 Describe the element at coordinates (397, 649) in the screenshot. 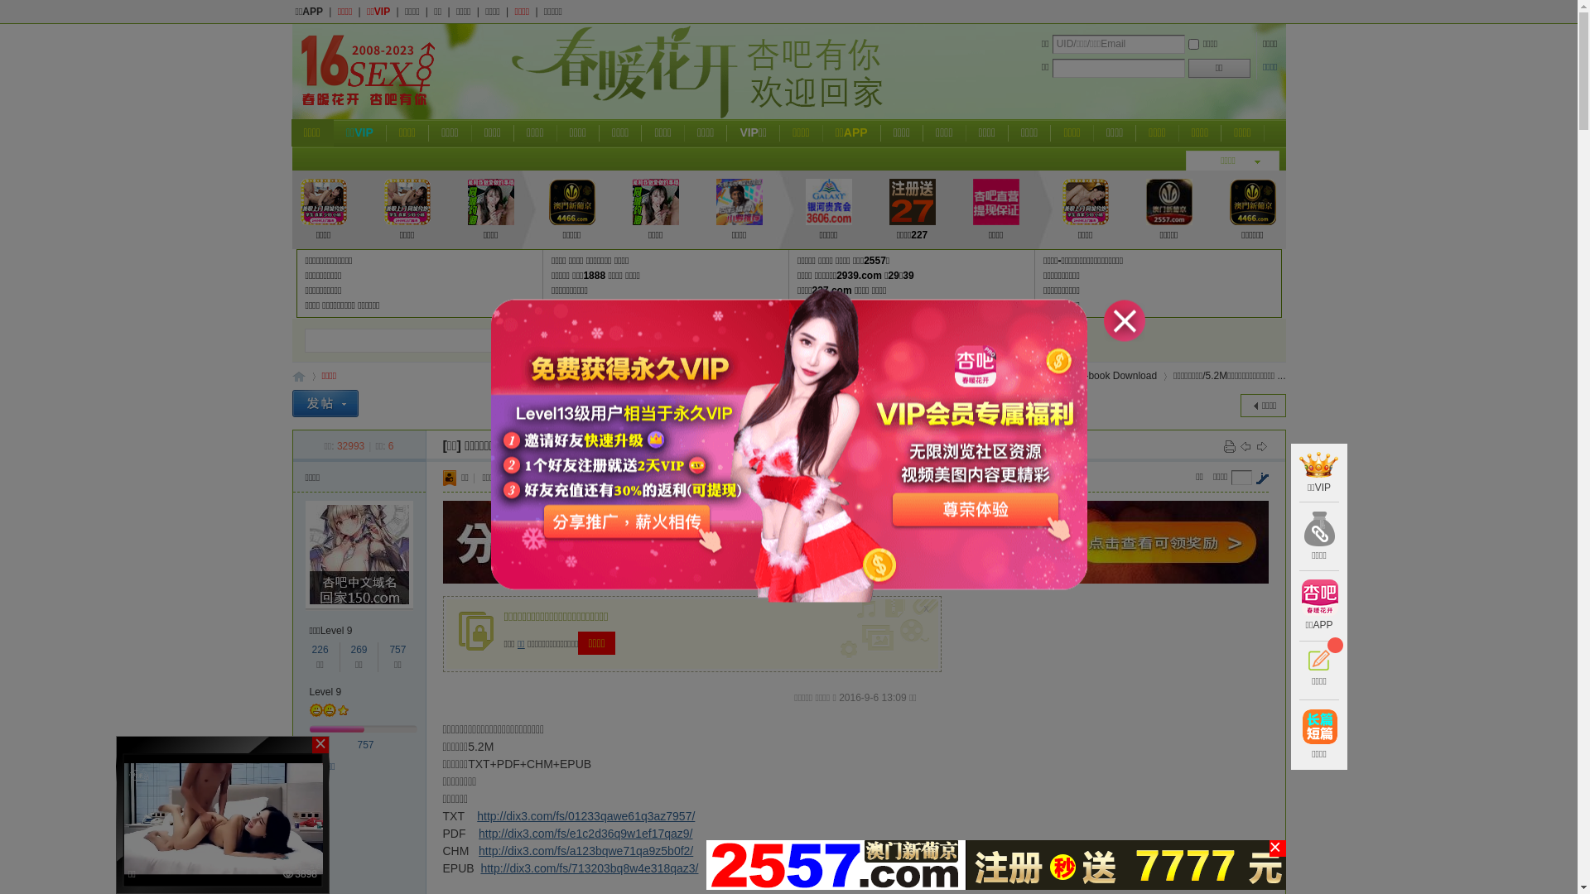

I see `'757'` at that location.